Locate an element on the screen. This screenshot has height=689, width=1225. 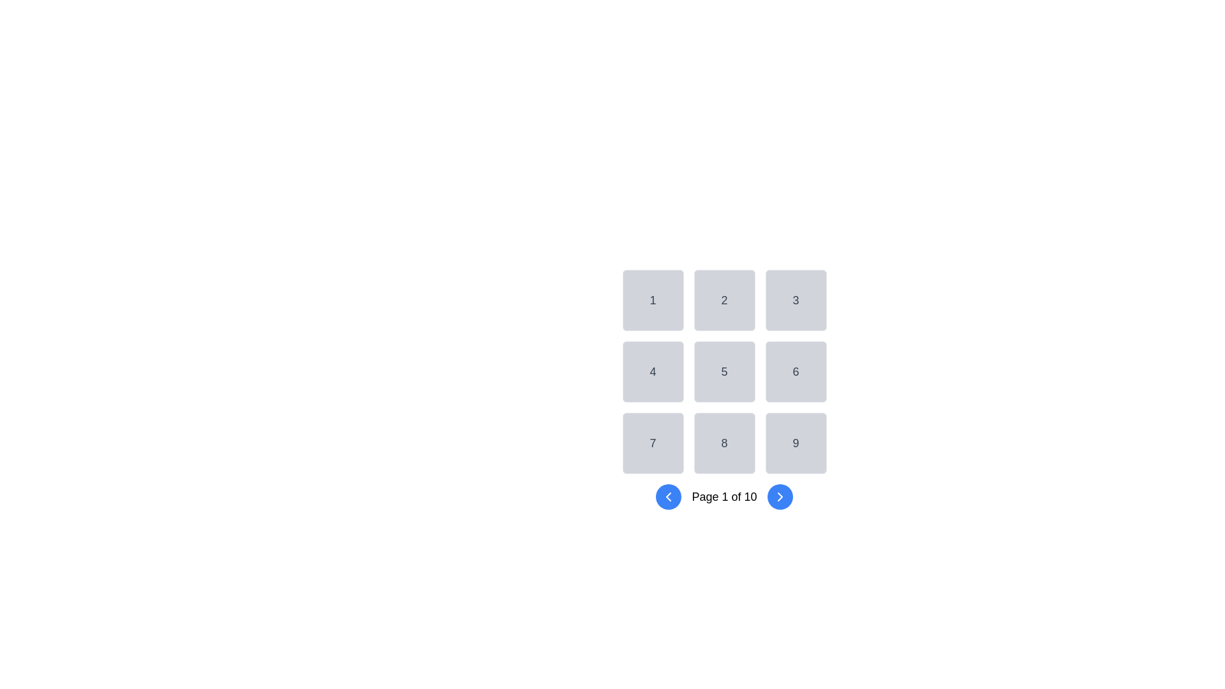
the selection tile located in the first row and second column of the grid is located at coordinates (724, 300).